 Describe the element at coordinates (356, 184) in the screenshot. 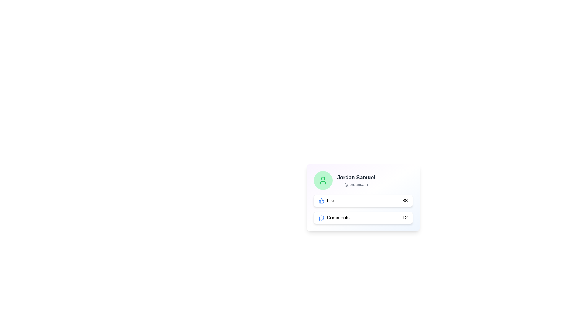

I see `text label displaying the user's handle '@jordansam' located beneath the bold 'Jordan Samuel' heading in the user's profile card area` at that location.